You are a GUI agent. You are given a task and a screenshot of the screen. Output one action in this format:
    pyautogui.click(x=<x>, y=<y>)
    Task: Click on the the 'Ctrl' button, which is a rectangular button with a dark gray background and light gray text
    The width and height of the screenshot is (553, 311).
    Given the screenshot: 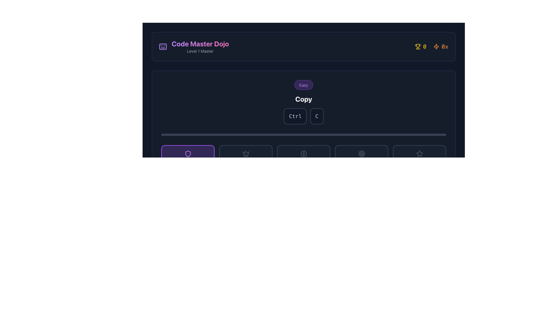 What is the action you would take?
    pyautogui.click(x=295, y=116)
    